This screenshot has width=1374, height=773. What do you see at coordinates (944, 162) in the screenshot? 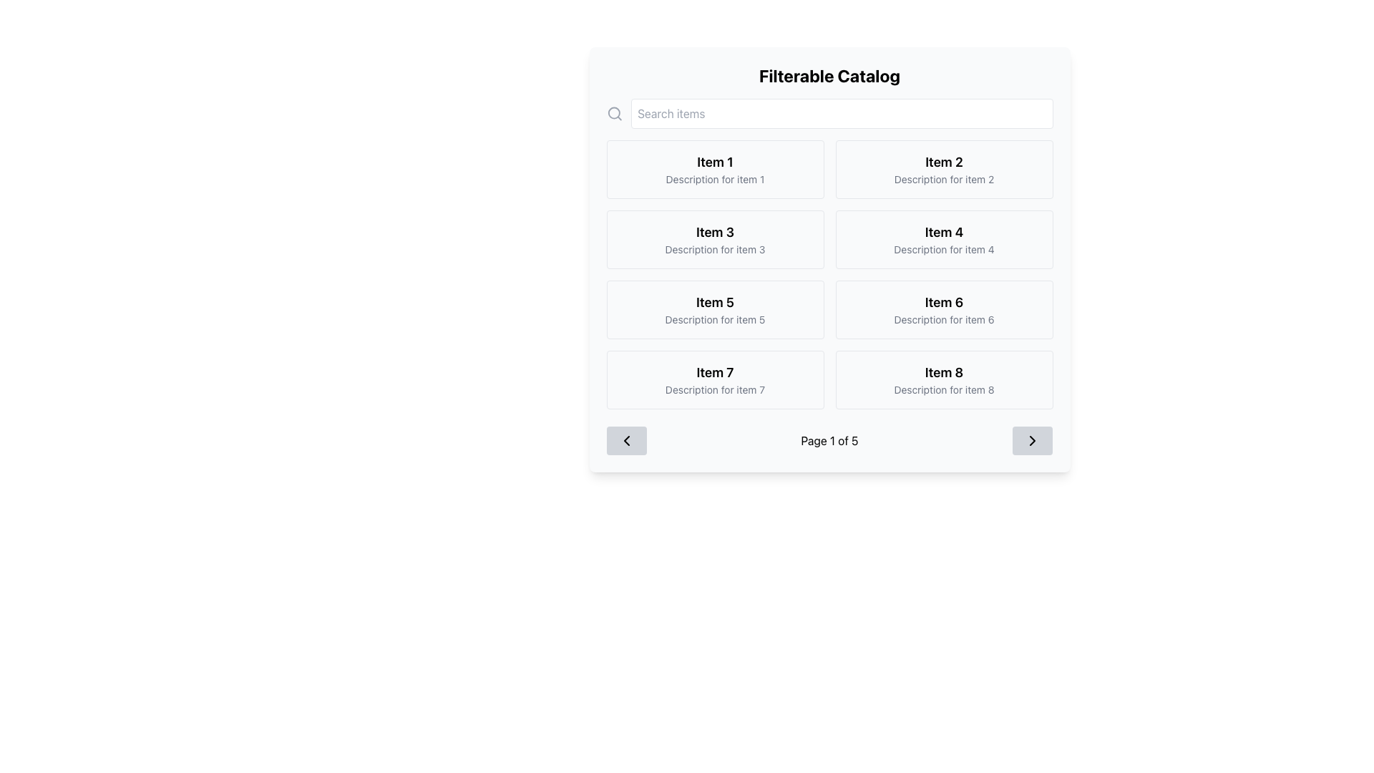
I see `the static text label that serves as the title of the card located in the second column of the first row, positioned above the description text 'Description for item 2'` at bounding box center [944, 162].